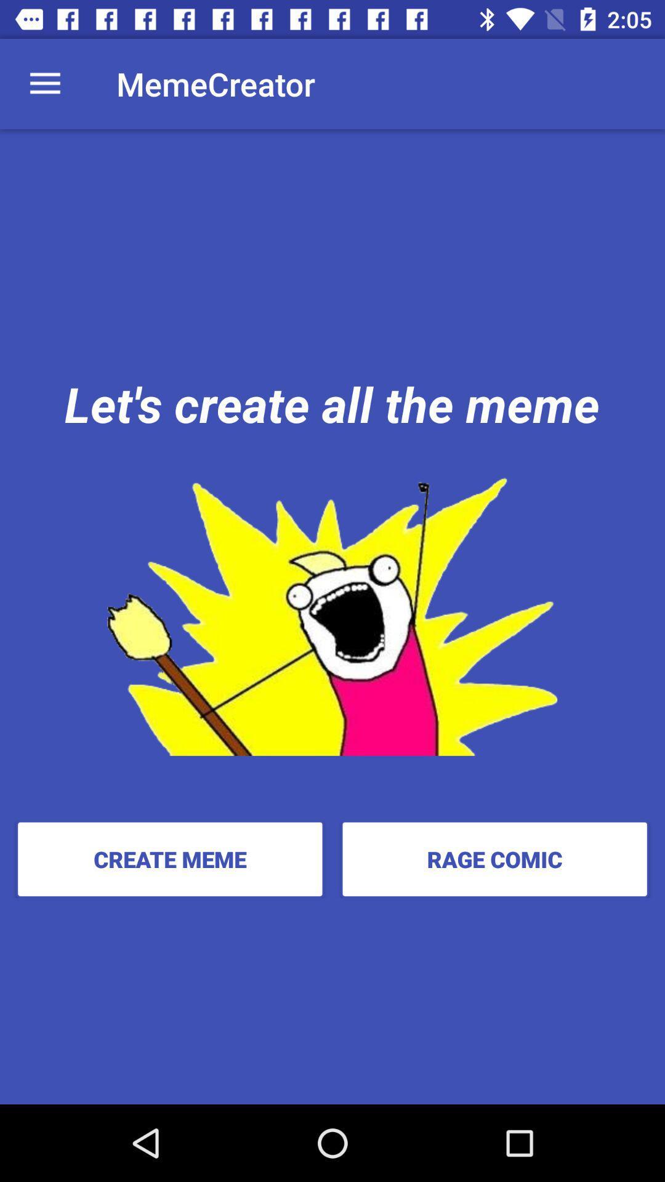 This screenshot has width=665, height=1182. What do you see at coordinates (494, 858) in the screenshot?
I see `item to the right of the create meme icon` at bounding box center [494, 858].